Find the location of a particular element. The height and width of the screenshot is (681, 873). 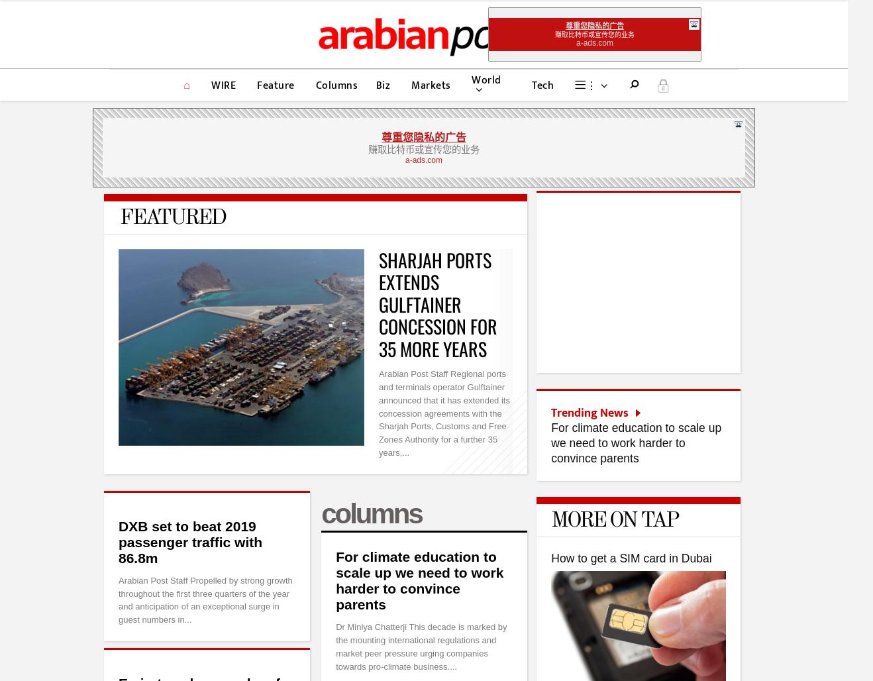

'Advertise on Arabian Post' is located at coordinates (484, 575).